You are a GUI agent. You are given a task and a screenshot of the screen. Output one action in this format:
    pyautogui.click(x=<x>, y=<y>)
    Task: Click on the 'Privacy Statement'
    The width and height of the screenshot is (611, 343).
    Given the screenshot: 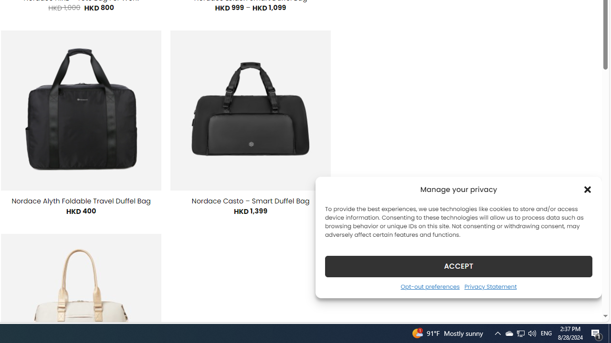 What is the action you would take?
    pyautogui.click(x=490, y=286)
    